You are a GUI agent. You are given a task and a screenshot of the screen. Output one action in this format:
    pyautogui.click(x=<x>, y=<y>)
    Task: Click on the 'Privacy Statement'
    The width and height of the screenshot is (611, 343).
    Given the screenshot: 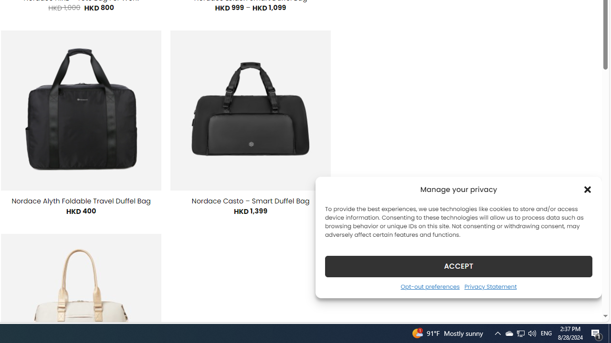 What is the action you would take?
    pyautogui.click(x=490, y=286)
    